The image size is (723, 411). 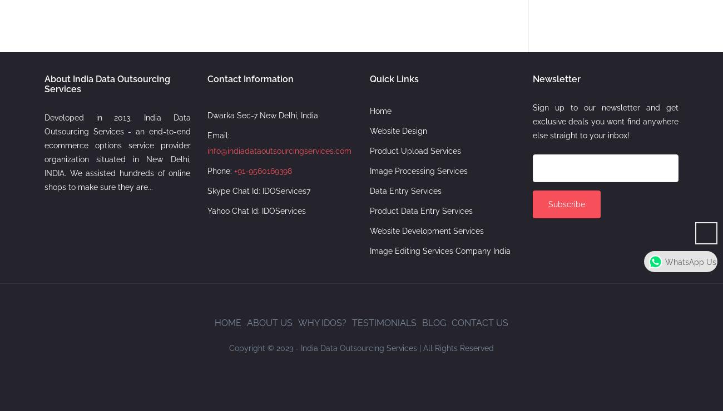 What do you see at coordinates (217, 135) in the screenshot?
I see `'Email:'` at bounding box center [217, 135].